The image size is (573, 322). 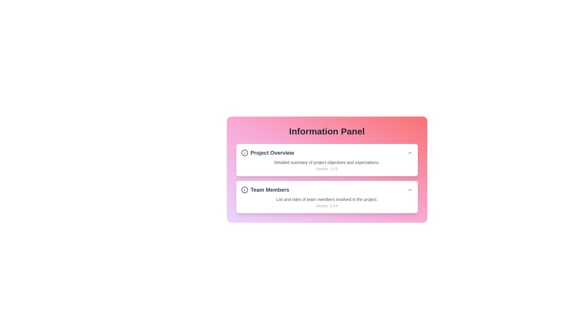 What do you see at coordinates (267, 153) in the screenshot?
I see `the non-interactive text label that serves as a title for the project summary, located at the top of the card-like interface` at bounding box center [267, 153].